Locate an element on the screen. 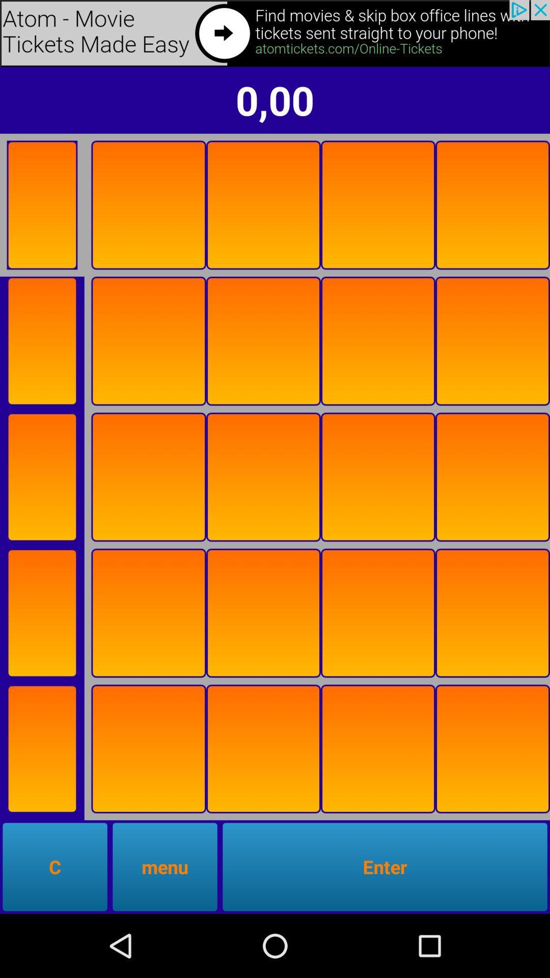  cash register button is located at coordinates (492, 204).